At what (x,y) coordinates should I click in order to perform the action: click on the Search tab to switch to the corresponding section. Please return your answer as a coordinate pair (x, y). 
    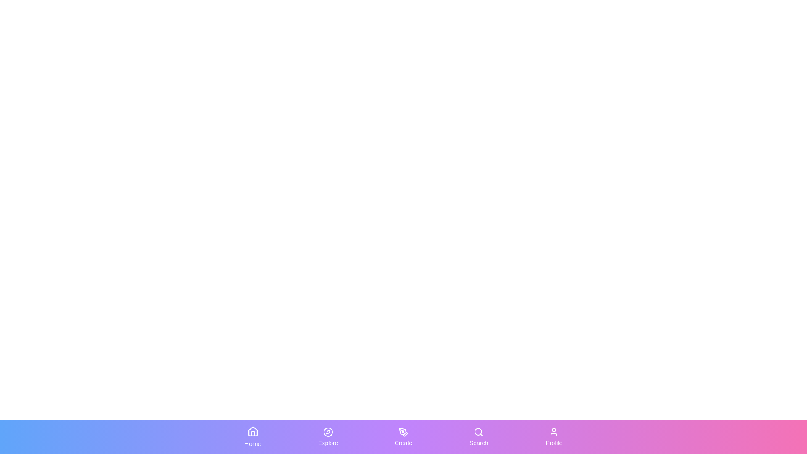
    Looking at the image, I should click on (479, 437).